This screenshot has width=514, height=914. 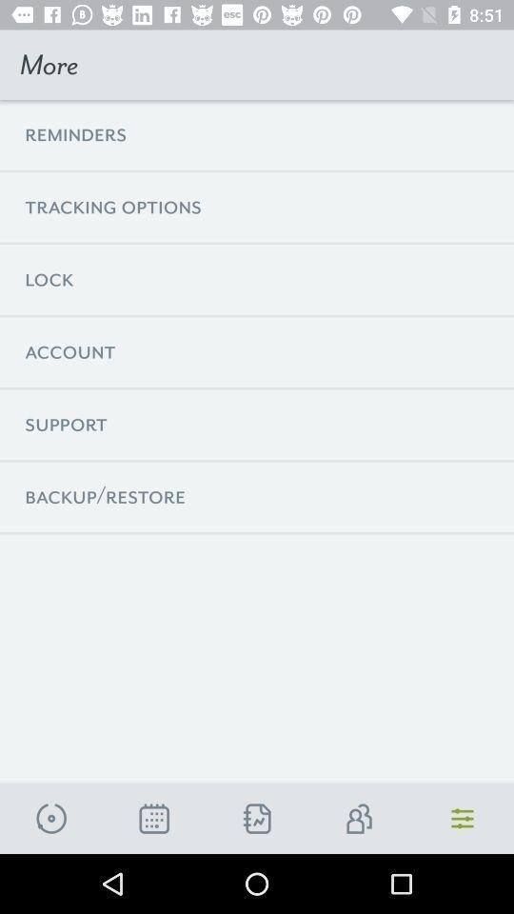 I want to click on to friends list, so click(x=360, y=818).